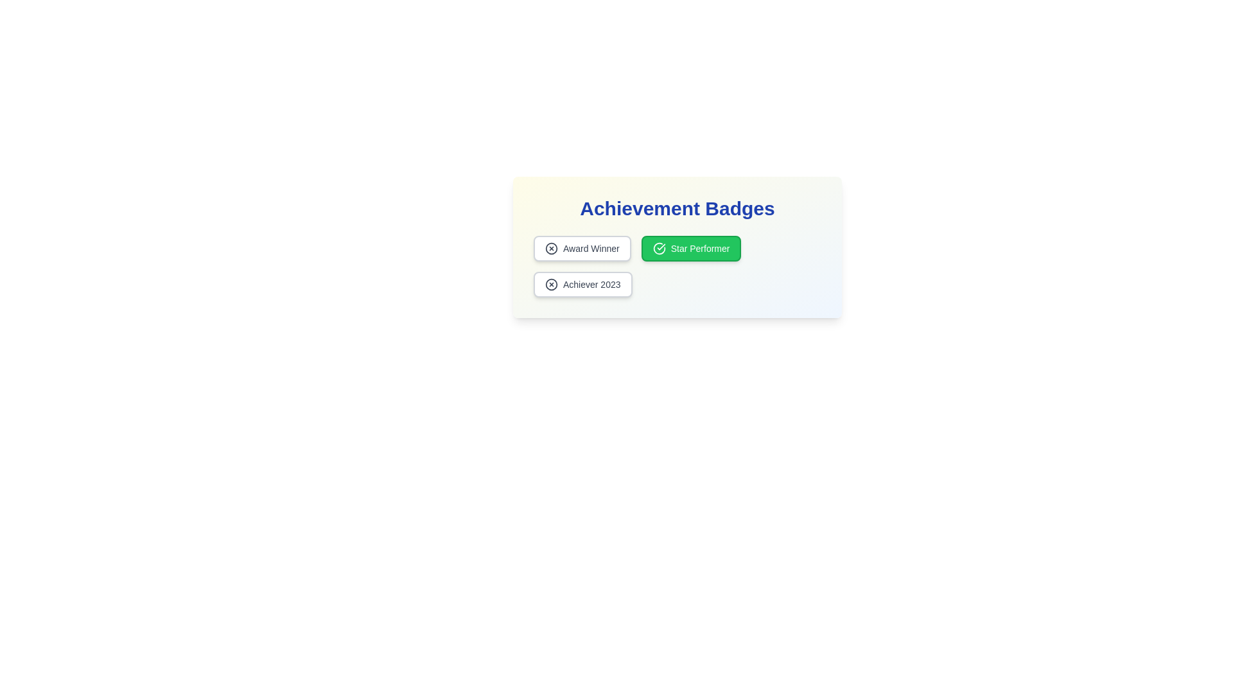 This screenshot has height=694, width=1233. I want to click on the badge labeled Achiever 2023 to observe its hover effect, so click(582, 284).